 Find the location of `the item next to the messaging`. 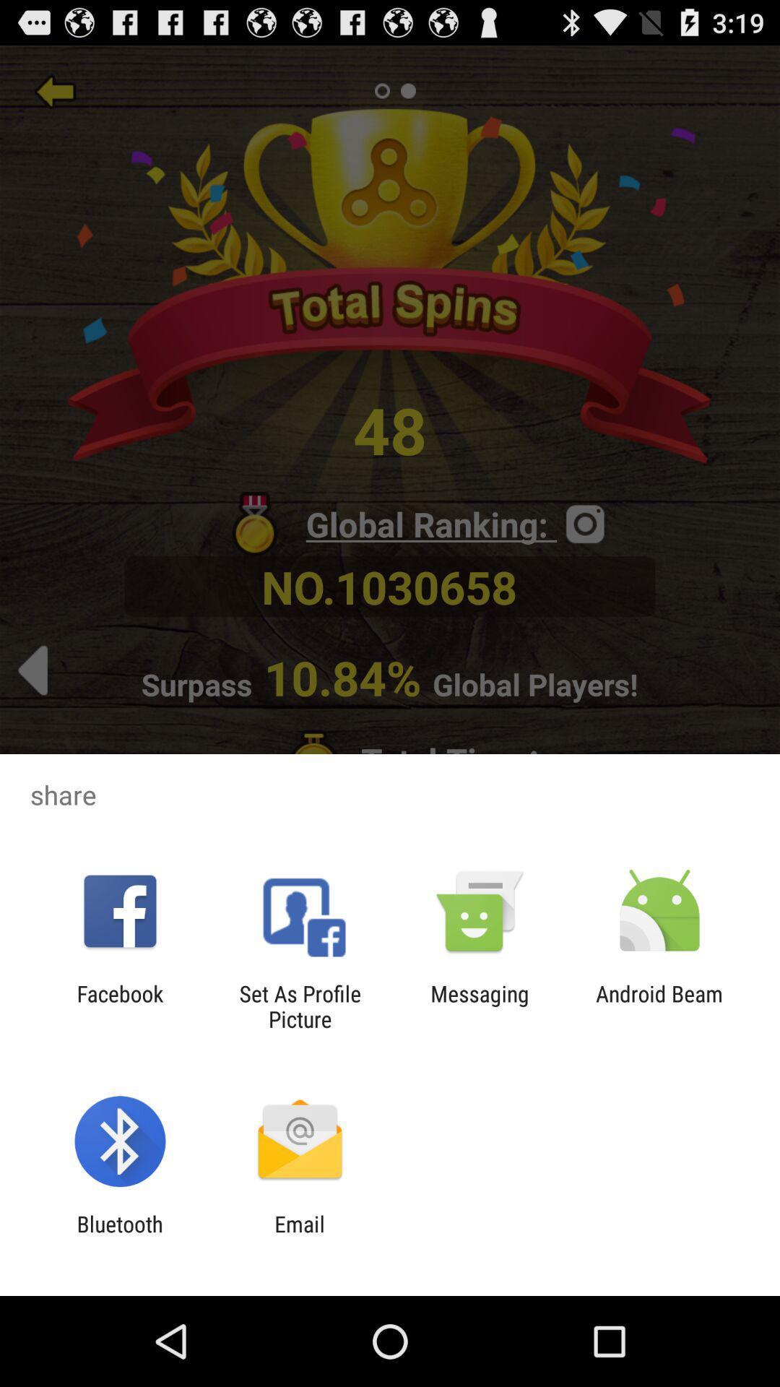

the item next to the messaging is located at coordinates (659, 1006).